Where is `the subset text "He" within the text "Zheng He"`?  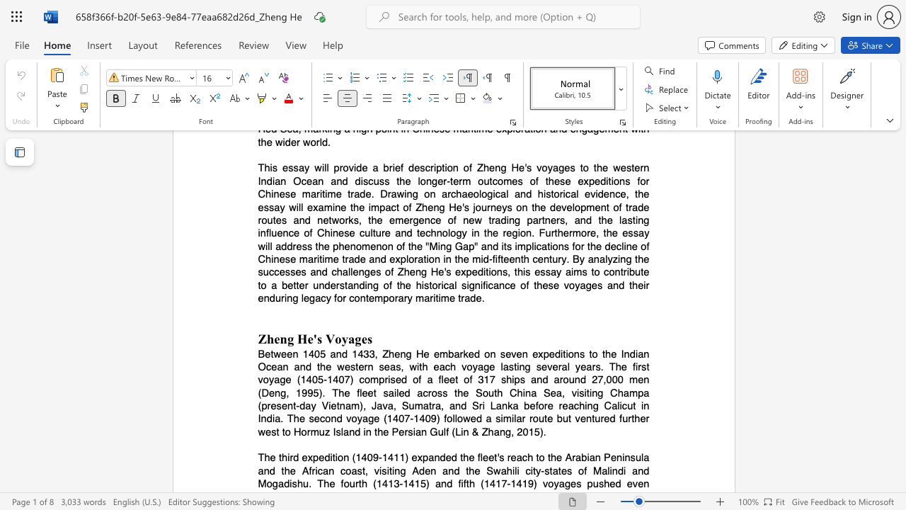
the subset text "He" within the text "Zheng He" is located at coordinates (296, 339).